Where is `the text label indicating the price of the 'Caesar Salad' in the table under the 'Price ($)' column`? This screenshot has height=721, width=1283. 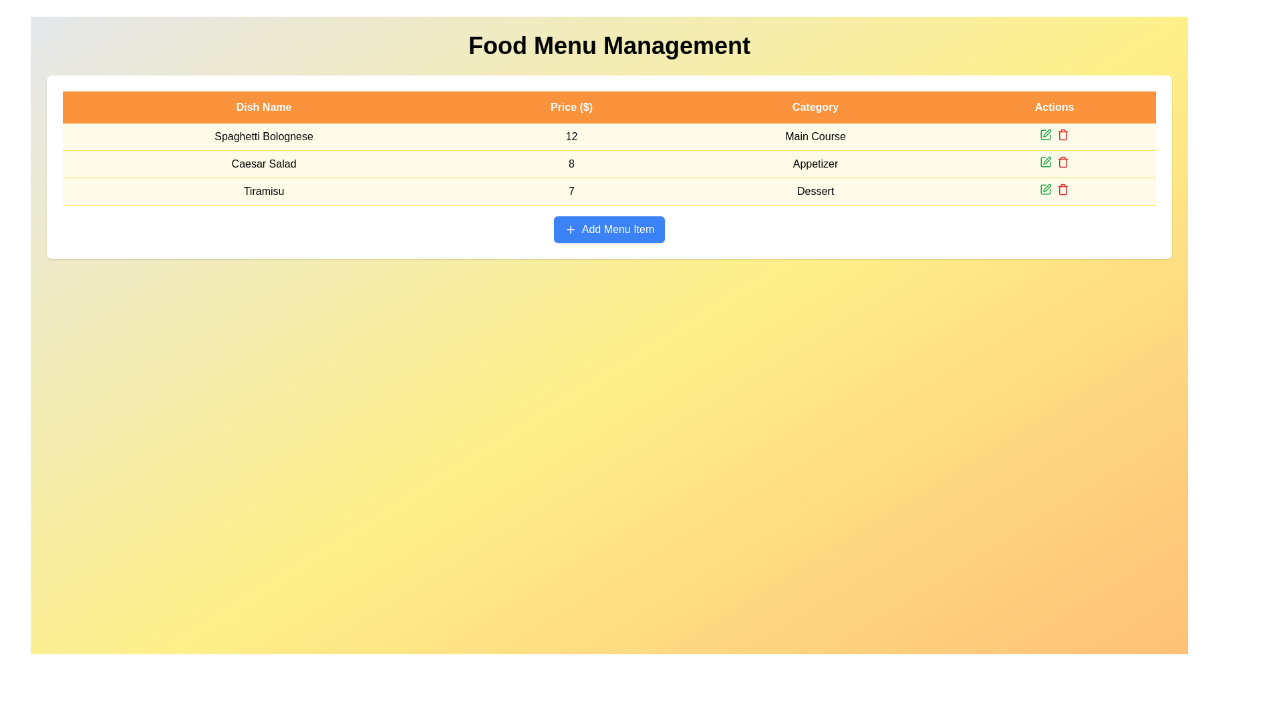 the text label indicating the price of the 'Caesar Salad' in the table under the 'Price ($)' column is located at coordinates (571, 164).